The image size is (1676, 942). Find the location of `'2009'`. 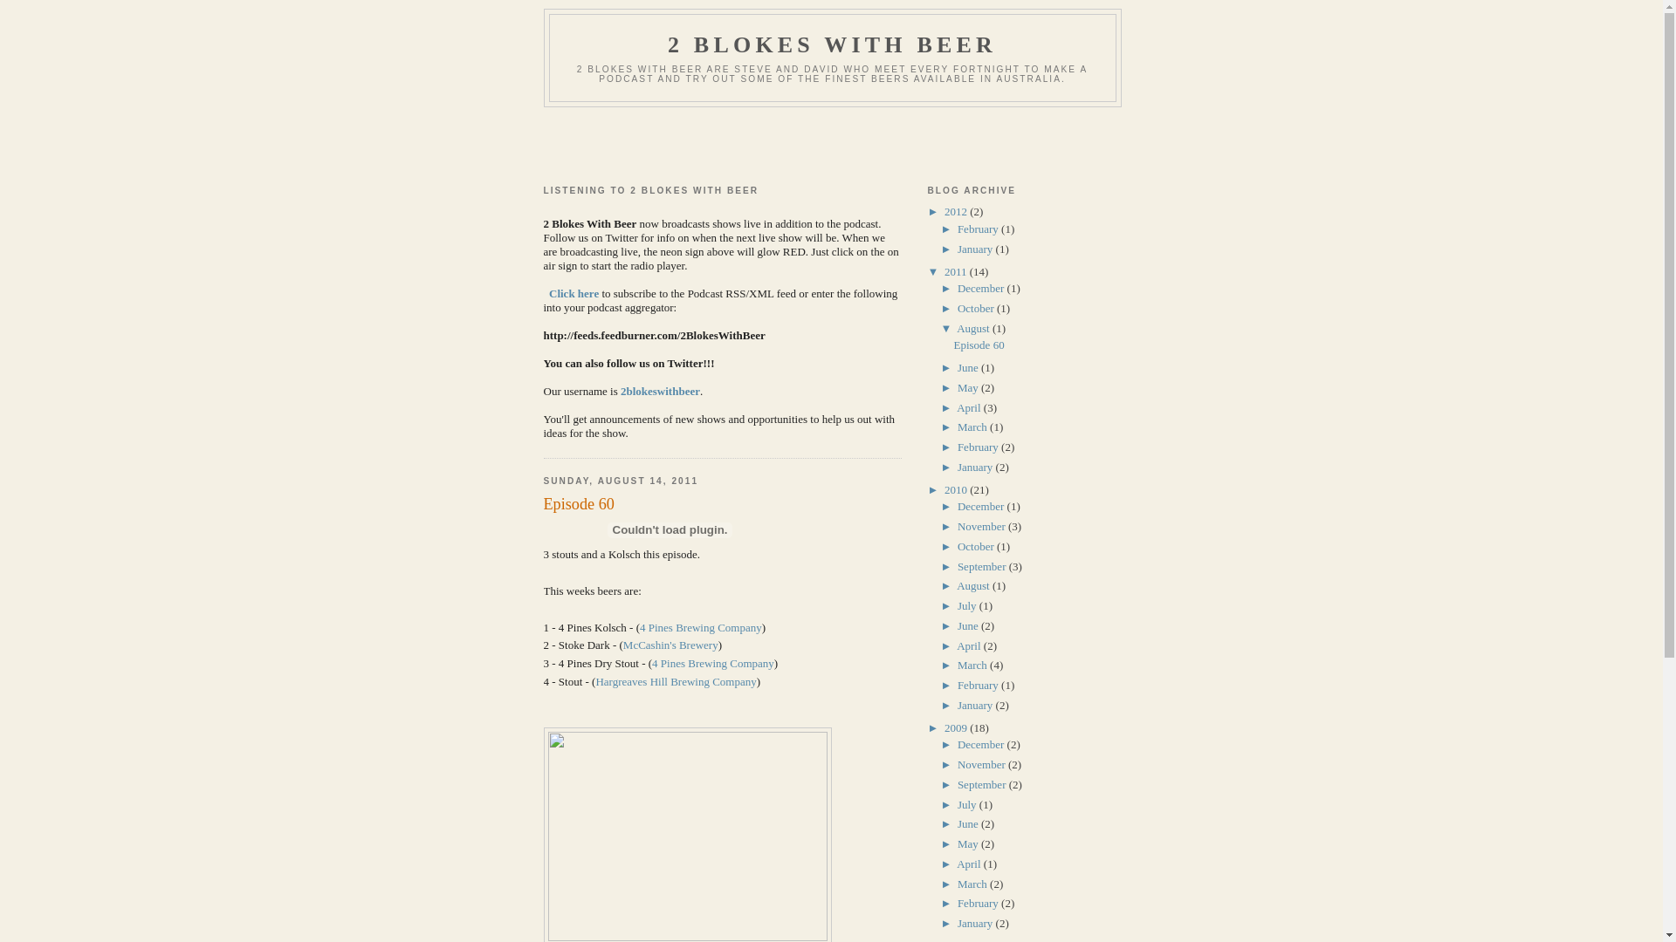

'2009' is located at coordinates (956, 727).